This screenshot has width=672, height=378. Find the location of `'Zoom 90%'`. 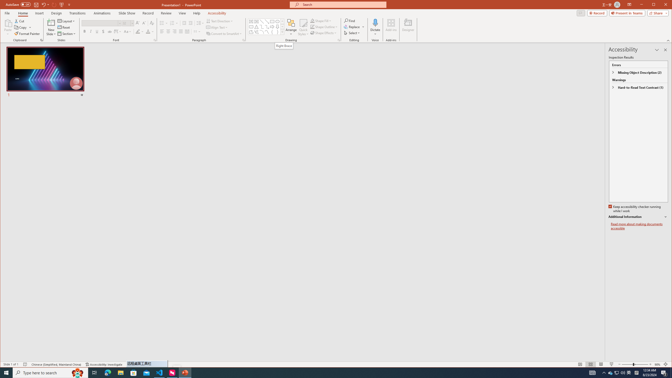

'Zoom 90%' is located at coordinates (657, 364).